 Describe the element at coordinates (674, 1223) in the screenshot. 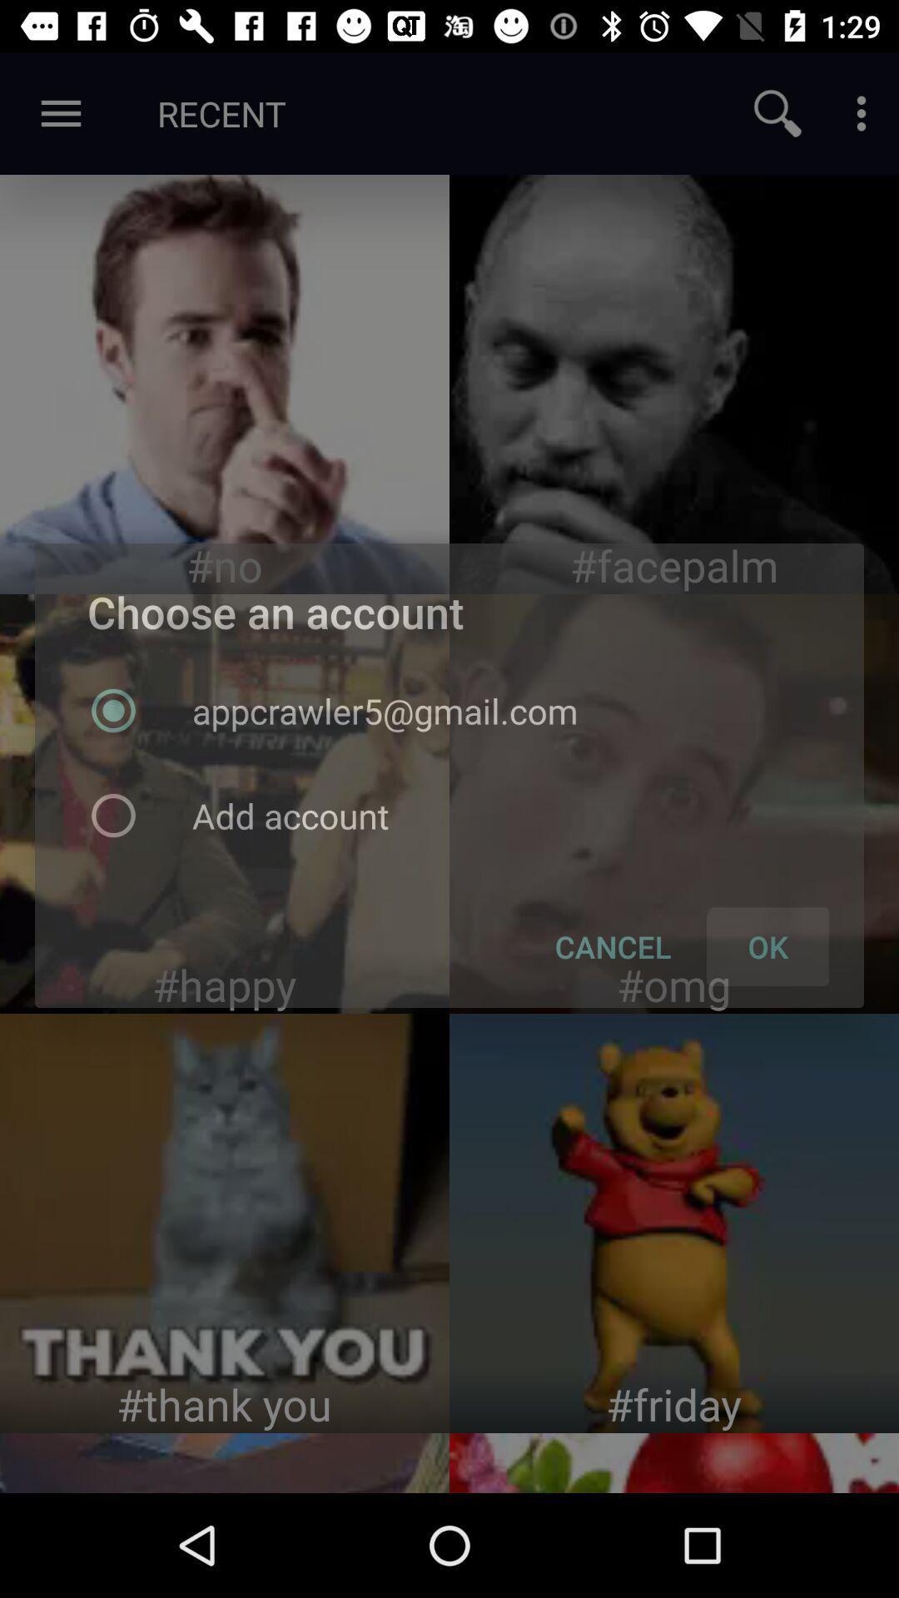

I see `to watch video` at that location.